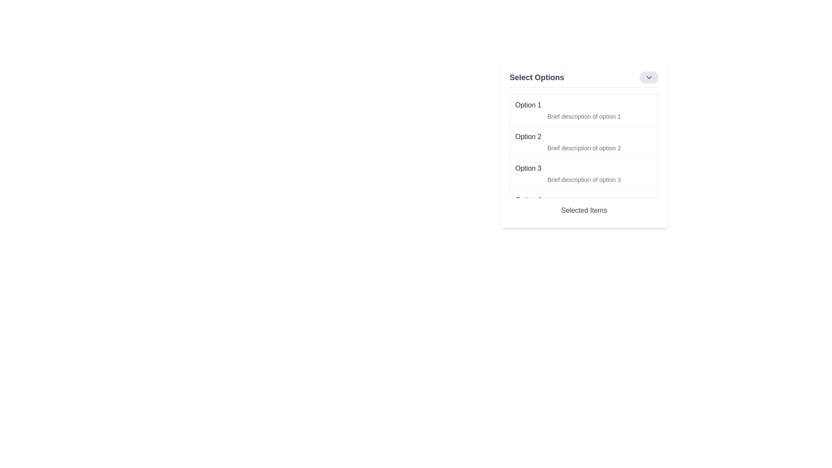  I want to click on the text label providing additional context for 'Option 3', which is positioned beneath the 'Option 3' label in the list of selectable options, so click(584, 179).